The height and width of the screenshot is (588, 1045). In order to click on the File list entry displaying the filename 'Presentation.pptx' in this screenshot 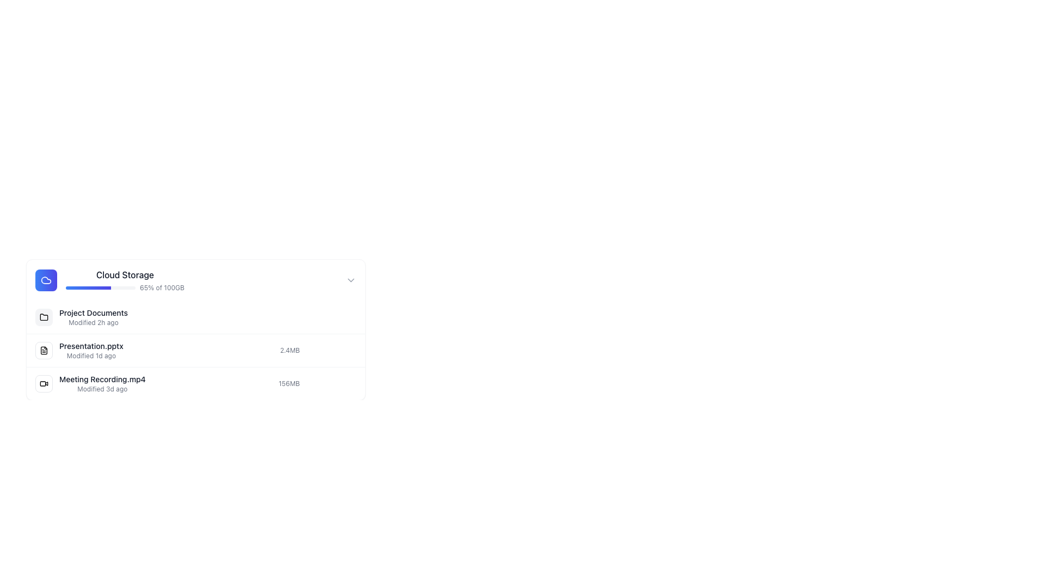, I will do `click(78, 351)`.